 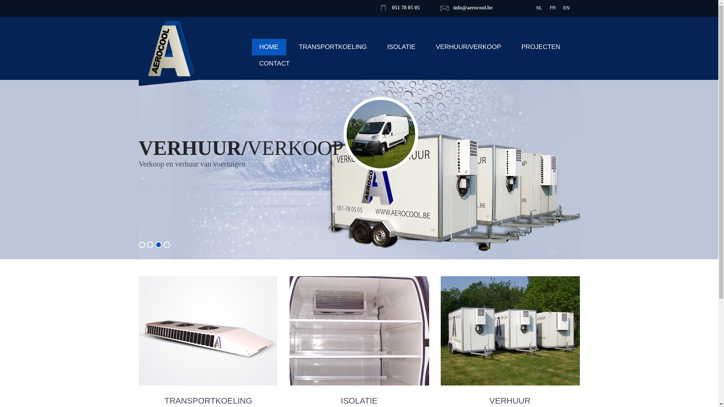 What do you see at coordinates (538, 8) in the screenshot?
I see `'NL'` at bounding box center [538, 8].